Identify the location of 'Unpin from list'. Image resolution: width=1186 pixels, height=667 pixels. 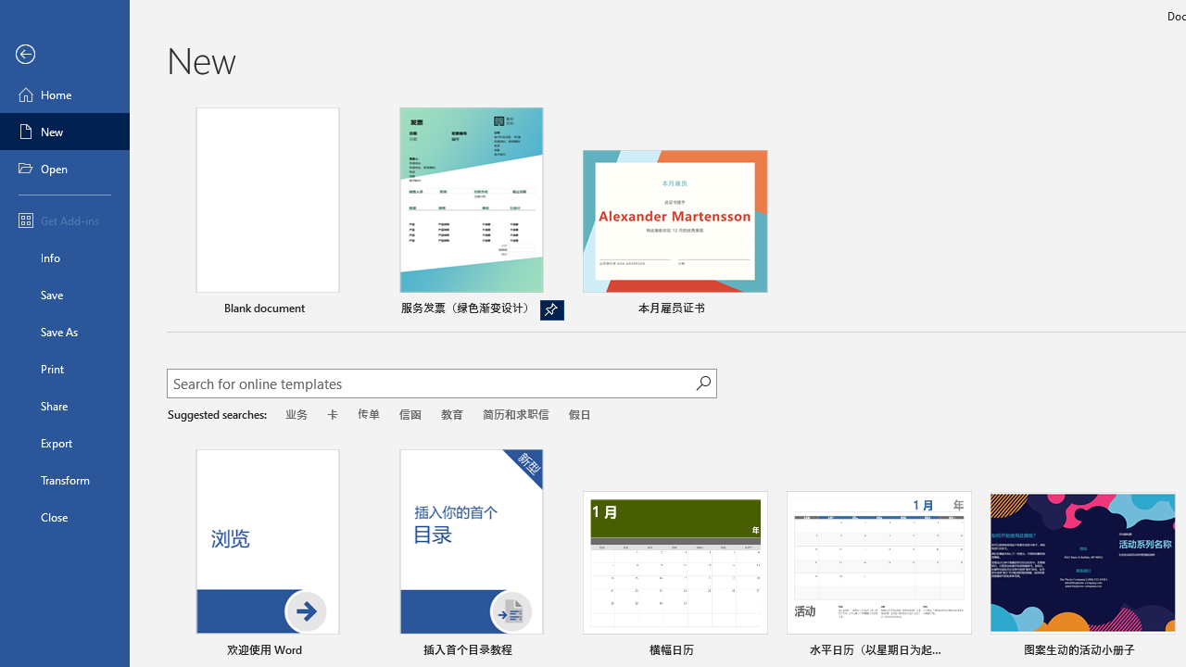
(550, 309).